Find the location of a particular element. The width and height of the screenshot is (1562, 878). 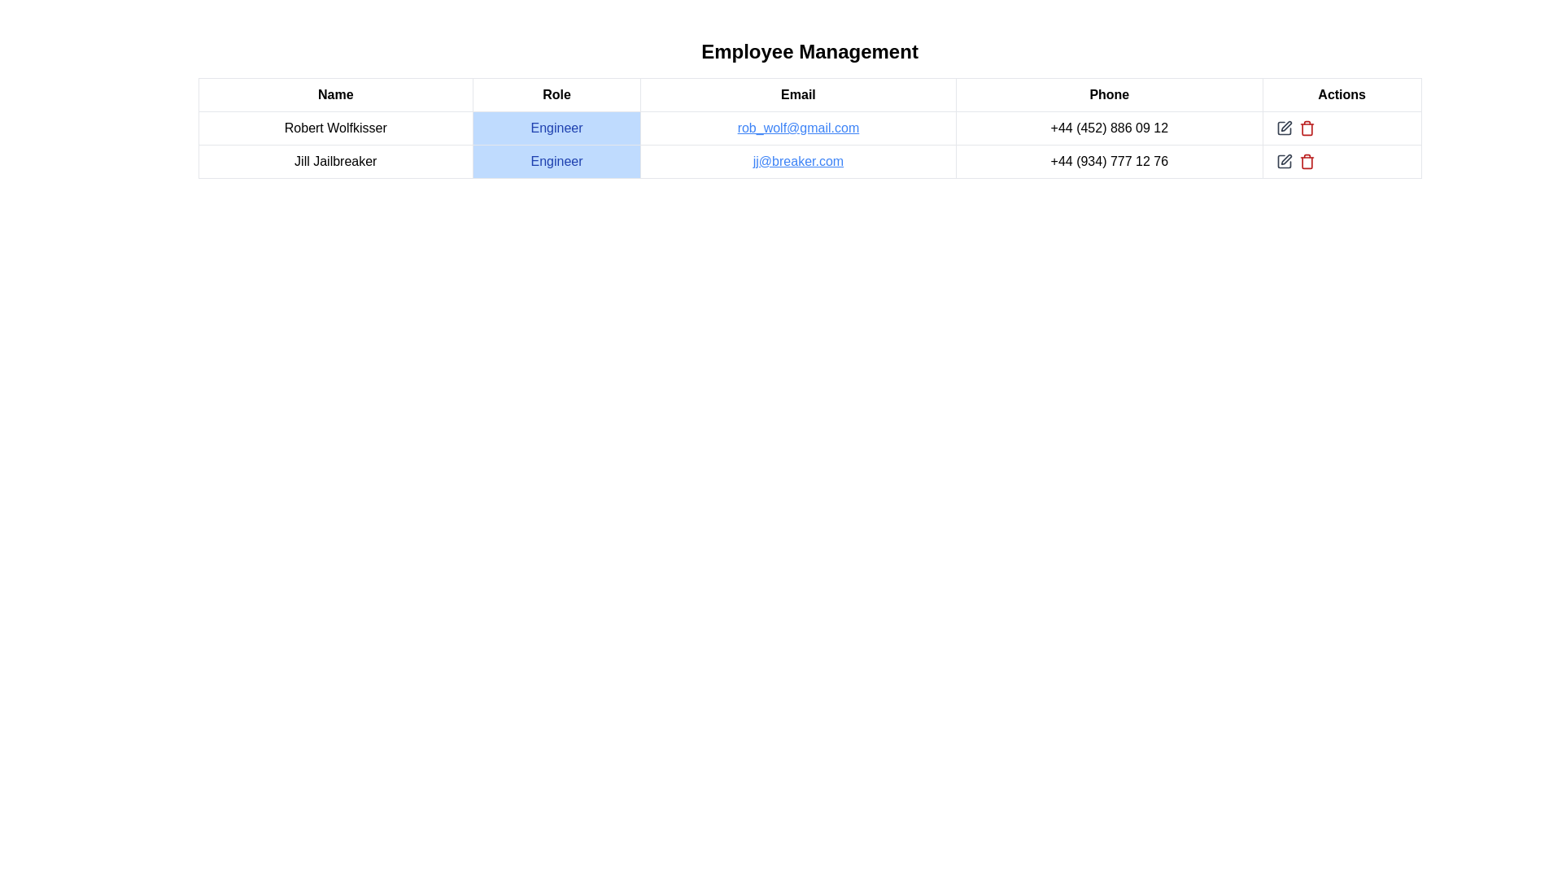

the 'Role' text label in the header row of the table, which is bold and center-aligned, located in the second column between 'Name' and 'Email' is located at coordinates (556, 94).